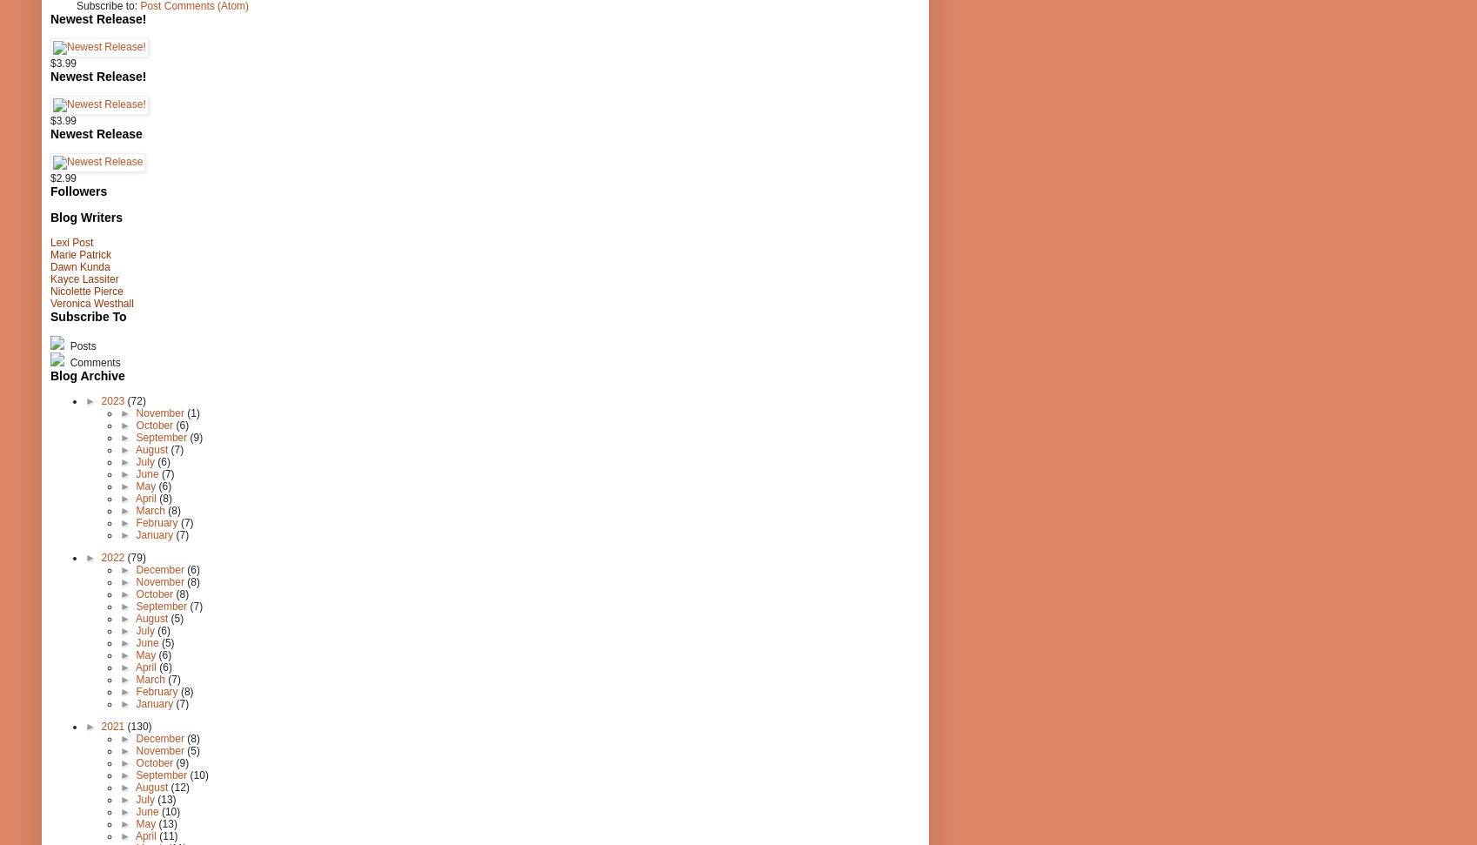  I want to click on '(130)', so click(126, 725).